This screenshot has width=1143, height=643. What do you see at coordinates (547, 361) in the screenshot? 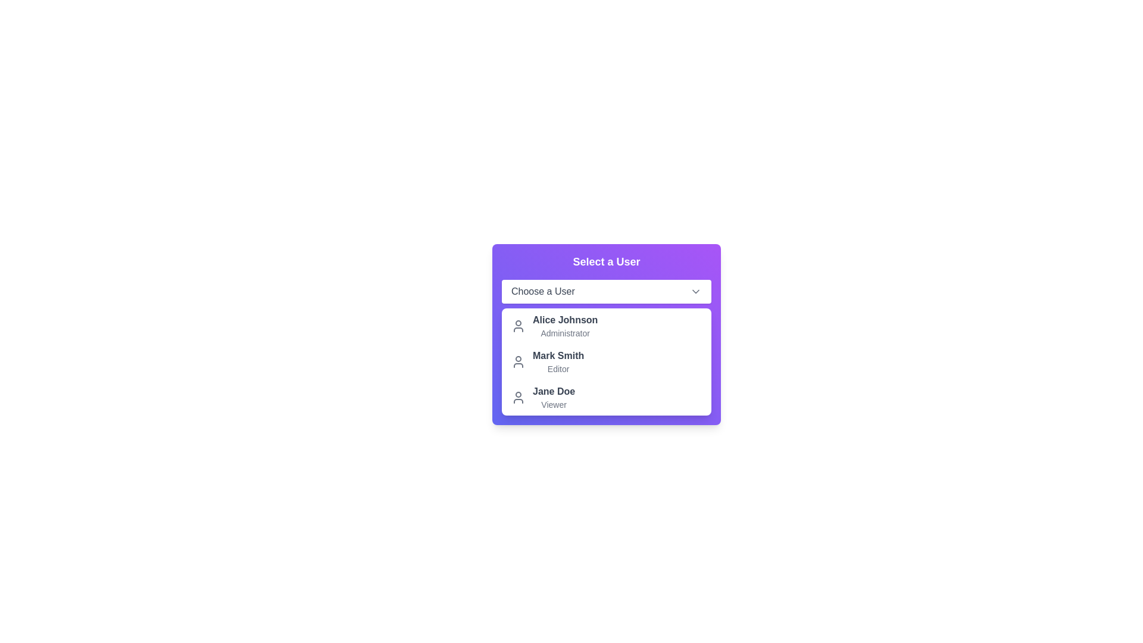
I see `the selectable user profile 'Mark Smith' in the dropdown menu` at bounding box center [547, 361].